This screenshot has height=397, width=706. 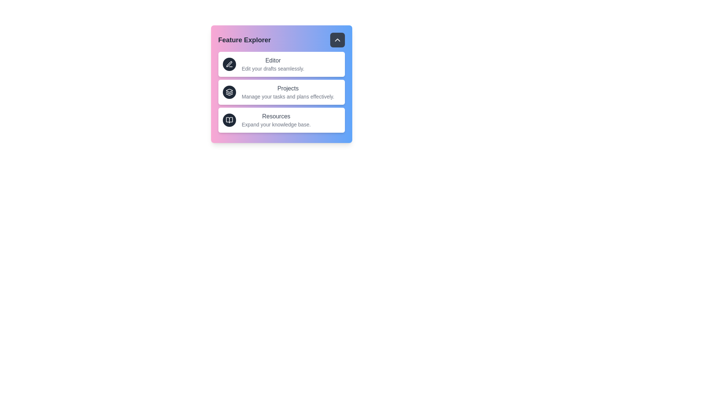 What do you see at coordinates (229, 120) in the screenshot?
I see `the Resources icon to interact with the corresponding feature` at bounding box center [229, 120].